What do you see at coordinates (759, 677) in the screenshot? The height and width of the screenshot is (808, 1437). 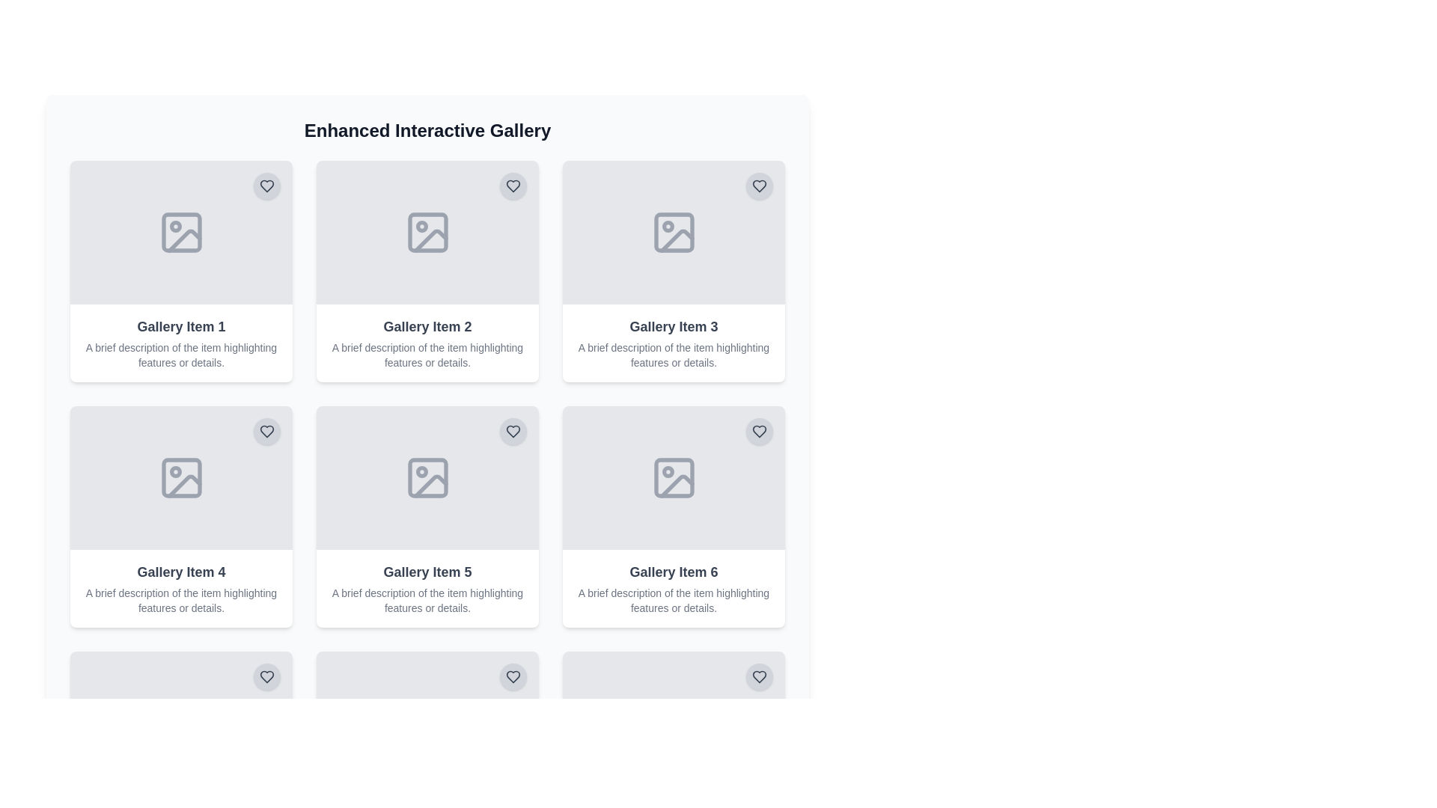 I see `the circular gray button with a heart icon in the top right corner of the sixth gallery item to favorite the item` at bounding box center [759, 677].